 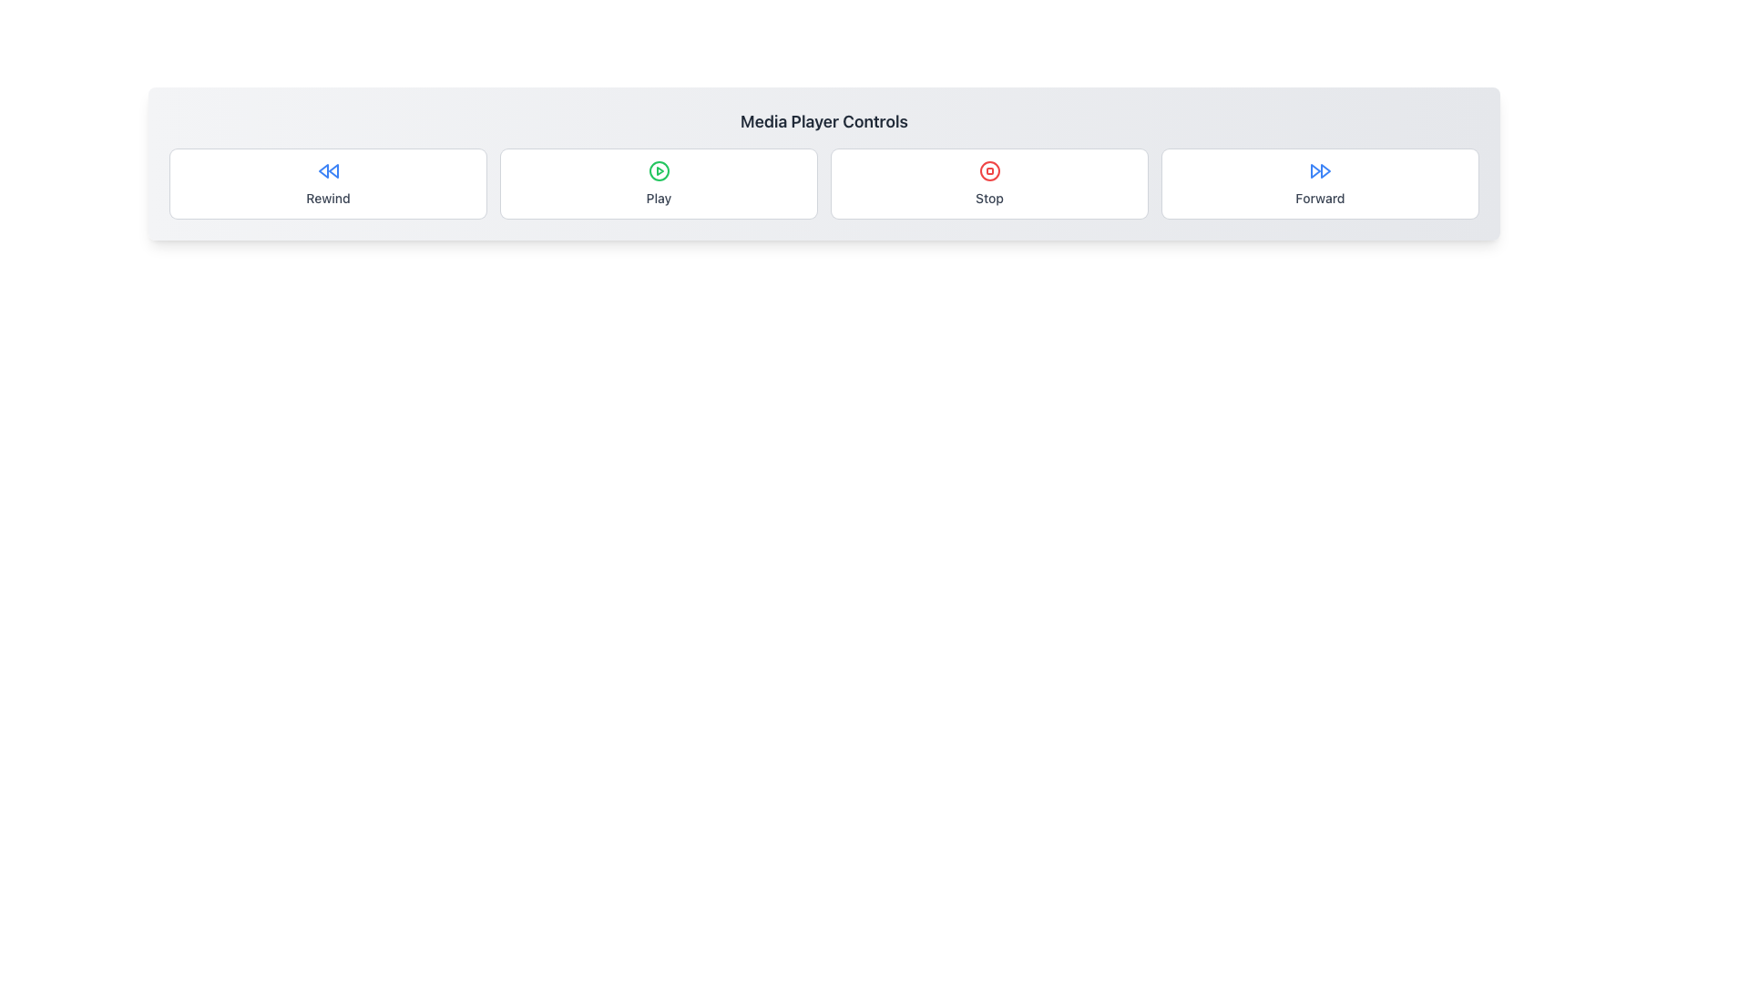 I want to click on the second triangle of the rewind icon, styled in blue, located in the leftmost section of the media control buttons, so click(x=332, y=171).